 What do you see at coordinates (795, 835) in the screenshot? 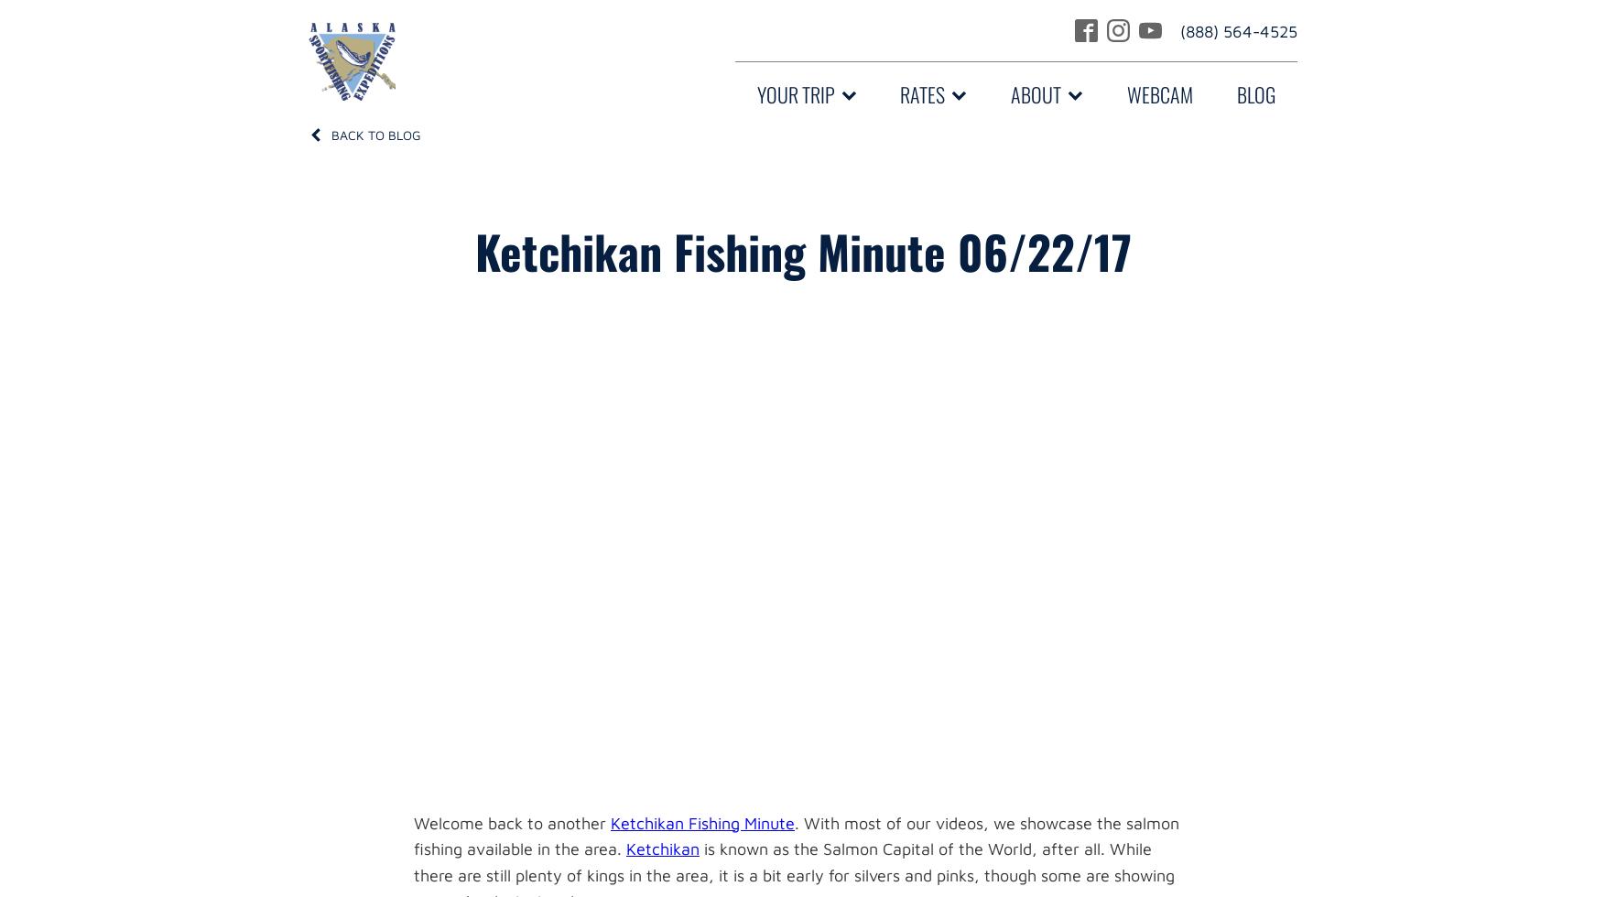
I see `'. With most of our videos, we showcase the salmon fishing available in the area.'` at bounding box center [795, 835].